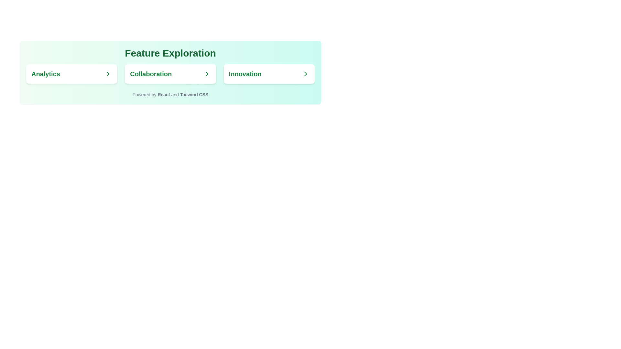  What do you see at coordinates (305, 73) in the screenshot?
I see `the rightward-pointing chevron icon inside the 'Innovation' button` at bounding box center [305, 73].